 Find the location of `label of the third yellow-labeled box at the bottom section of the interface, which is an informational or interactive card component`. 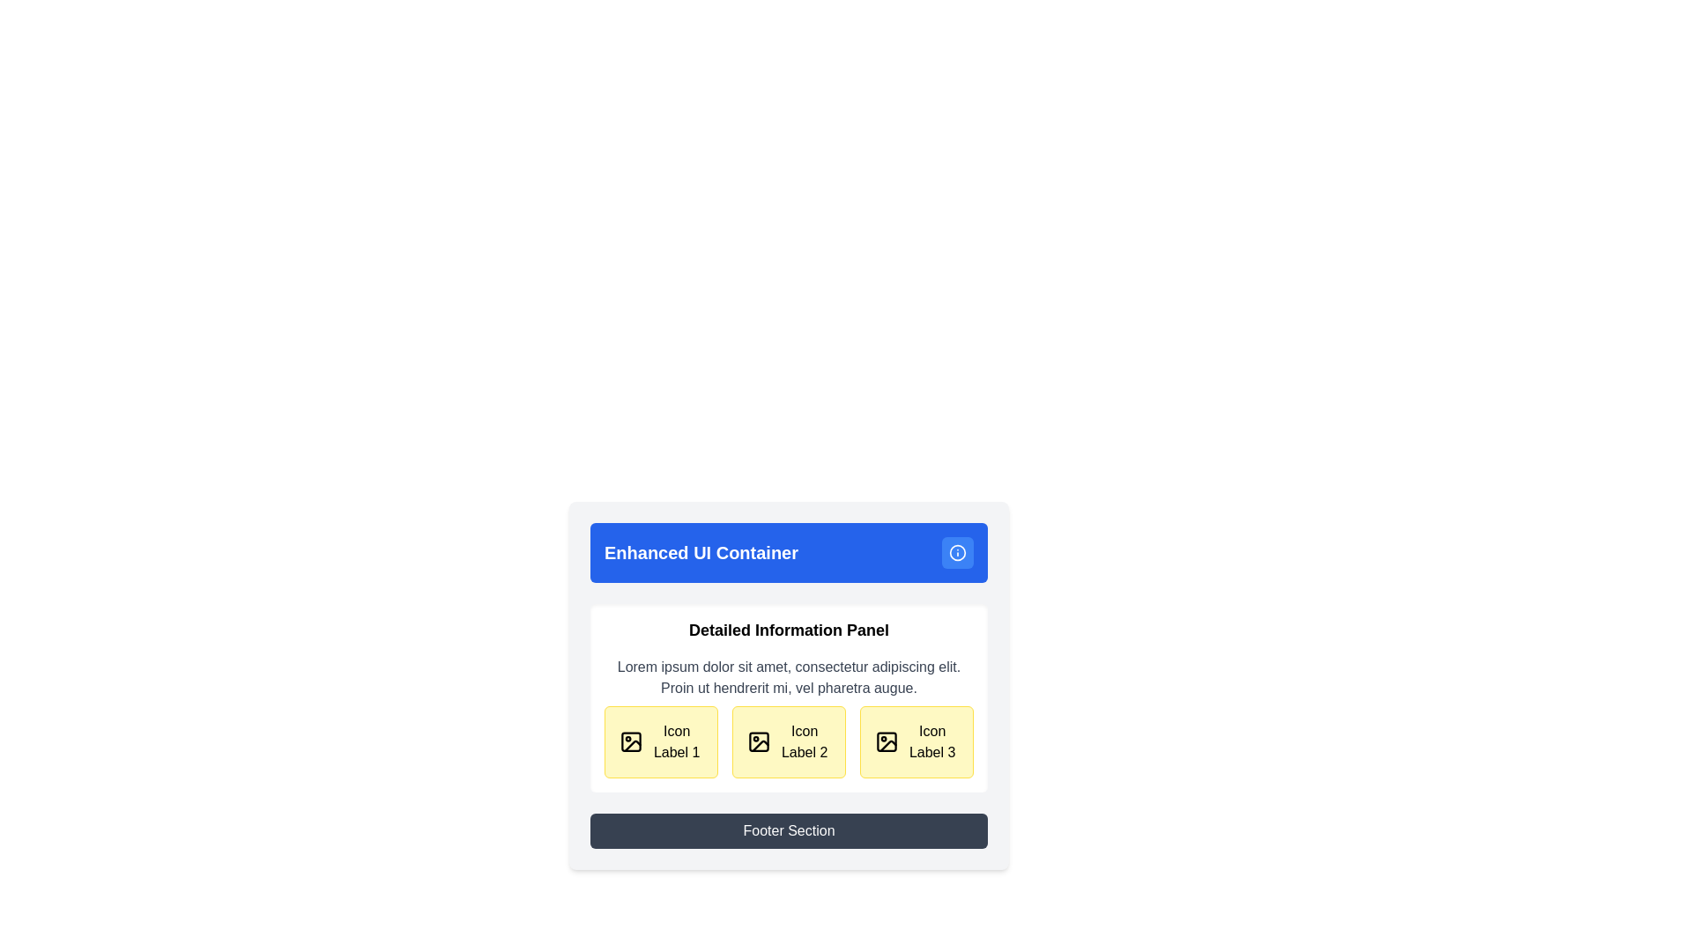

label of the third yellow-labeled box at the bottom section of the interface, which is an informational or interactive card component is located at coordinates (916, 742).